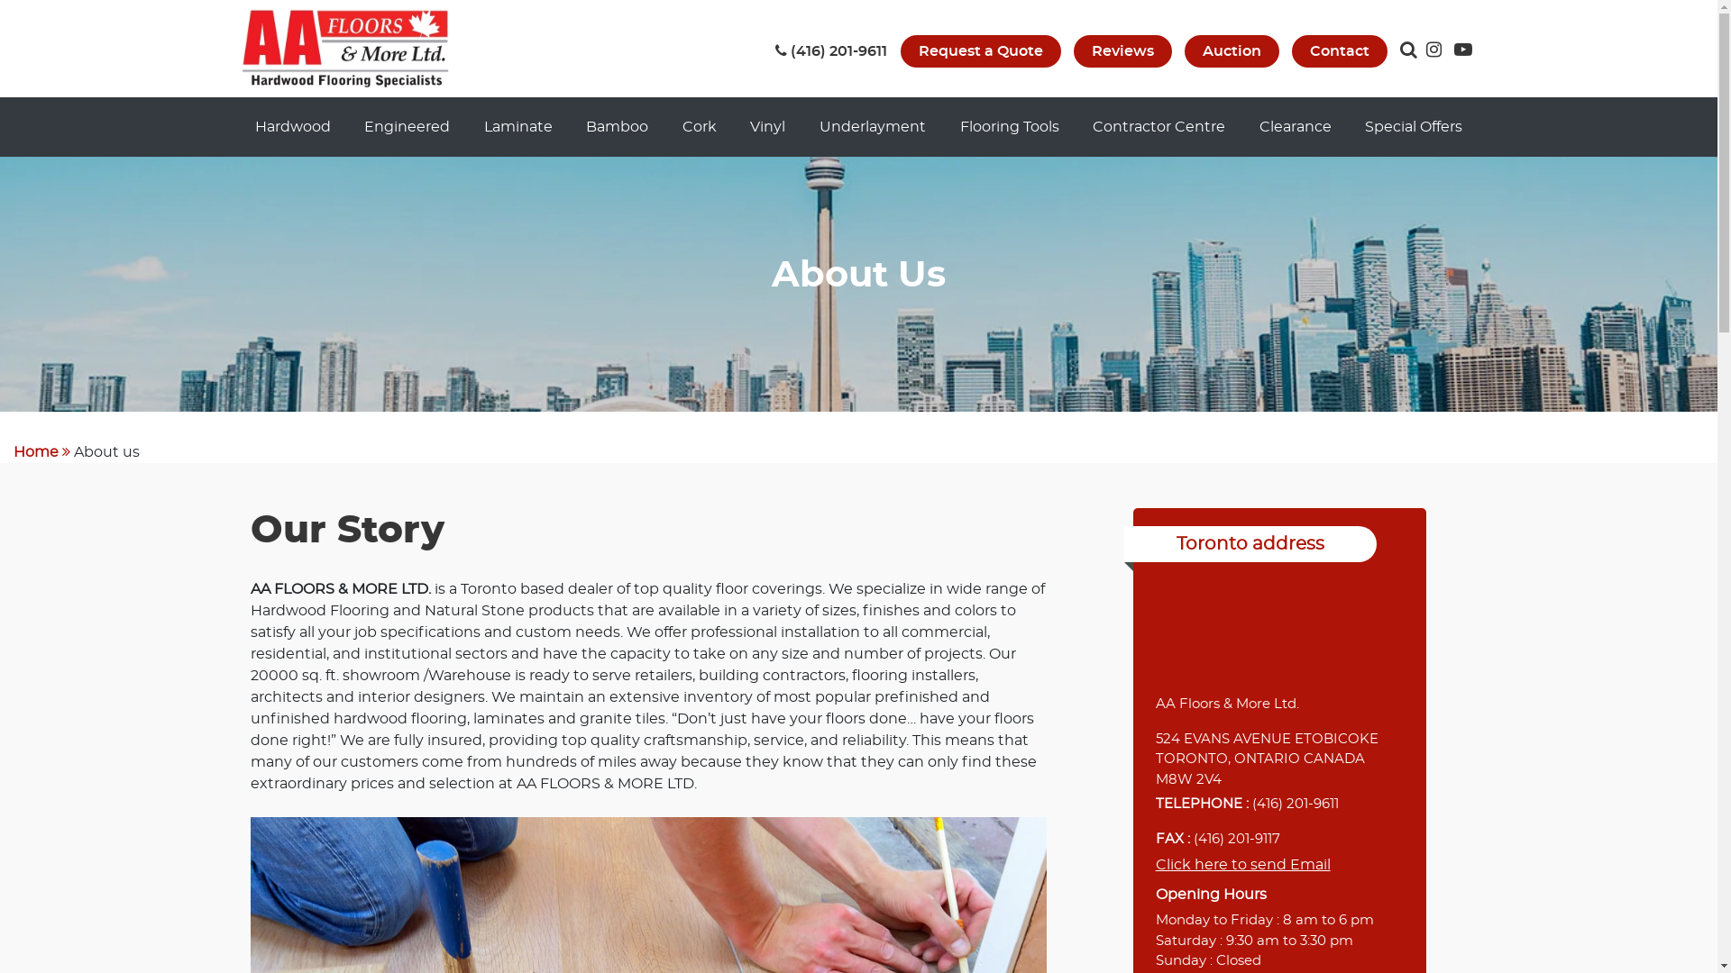 Image resolution: width=1731 pixels, height=973 pixels. Describe the element at coordinates (1338, 50) in the screenshot. I see `'Contact'` at that location.